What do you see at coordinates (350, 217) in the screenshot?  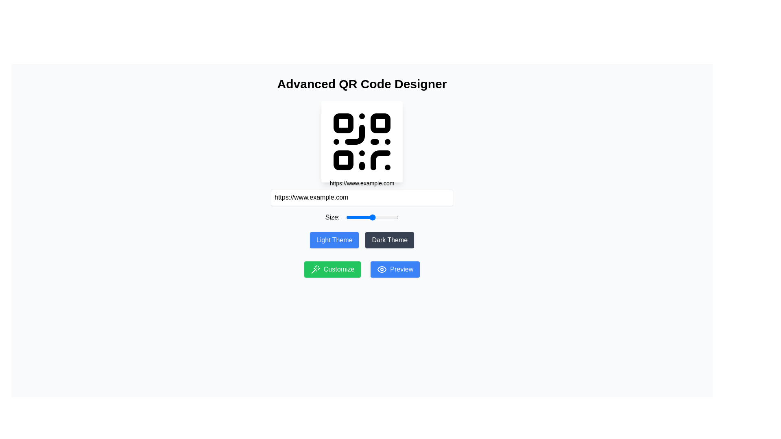 I see `the size value` at bounding box center [350, 217].